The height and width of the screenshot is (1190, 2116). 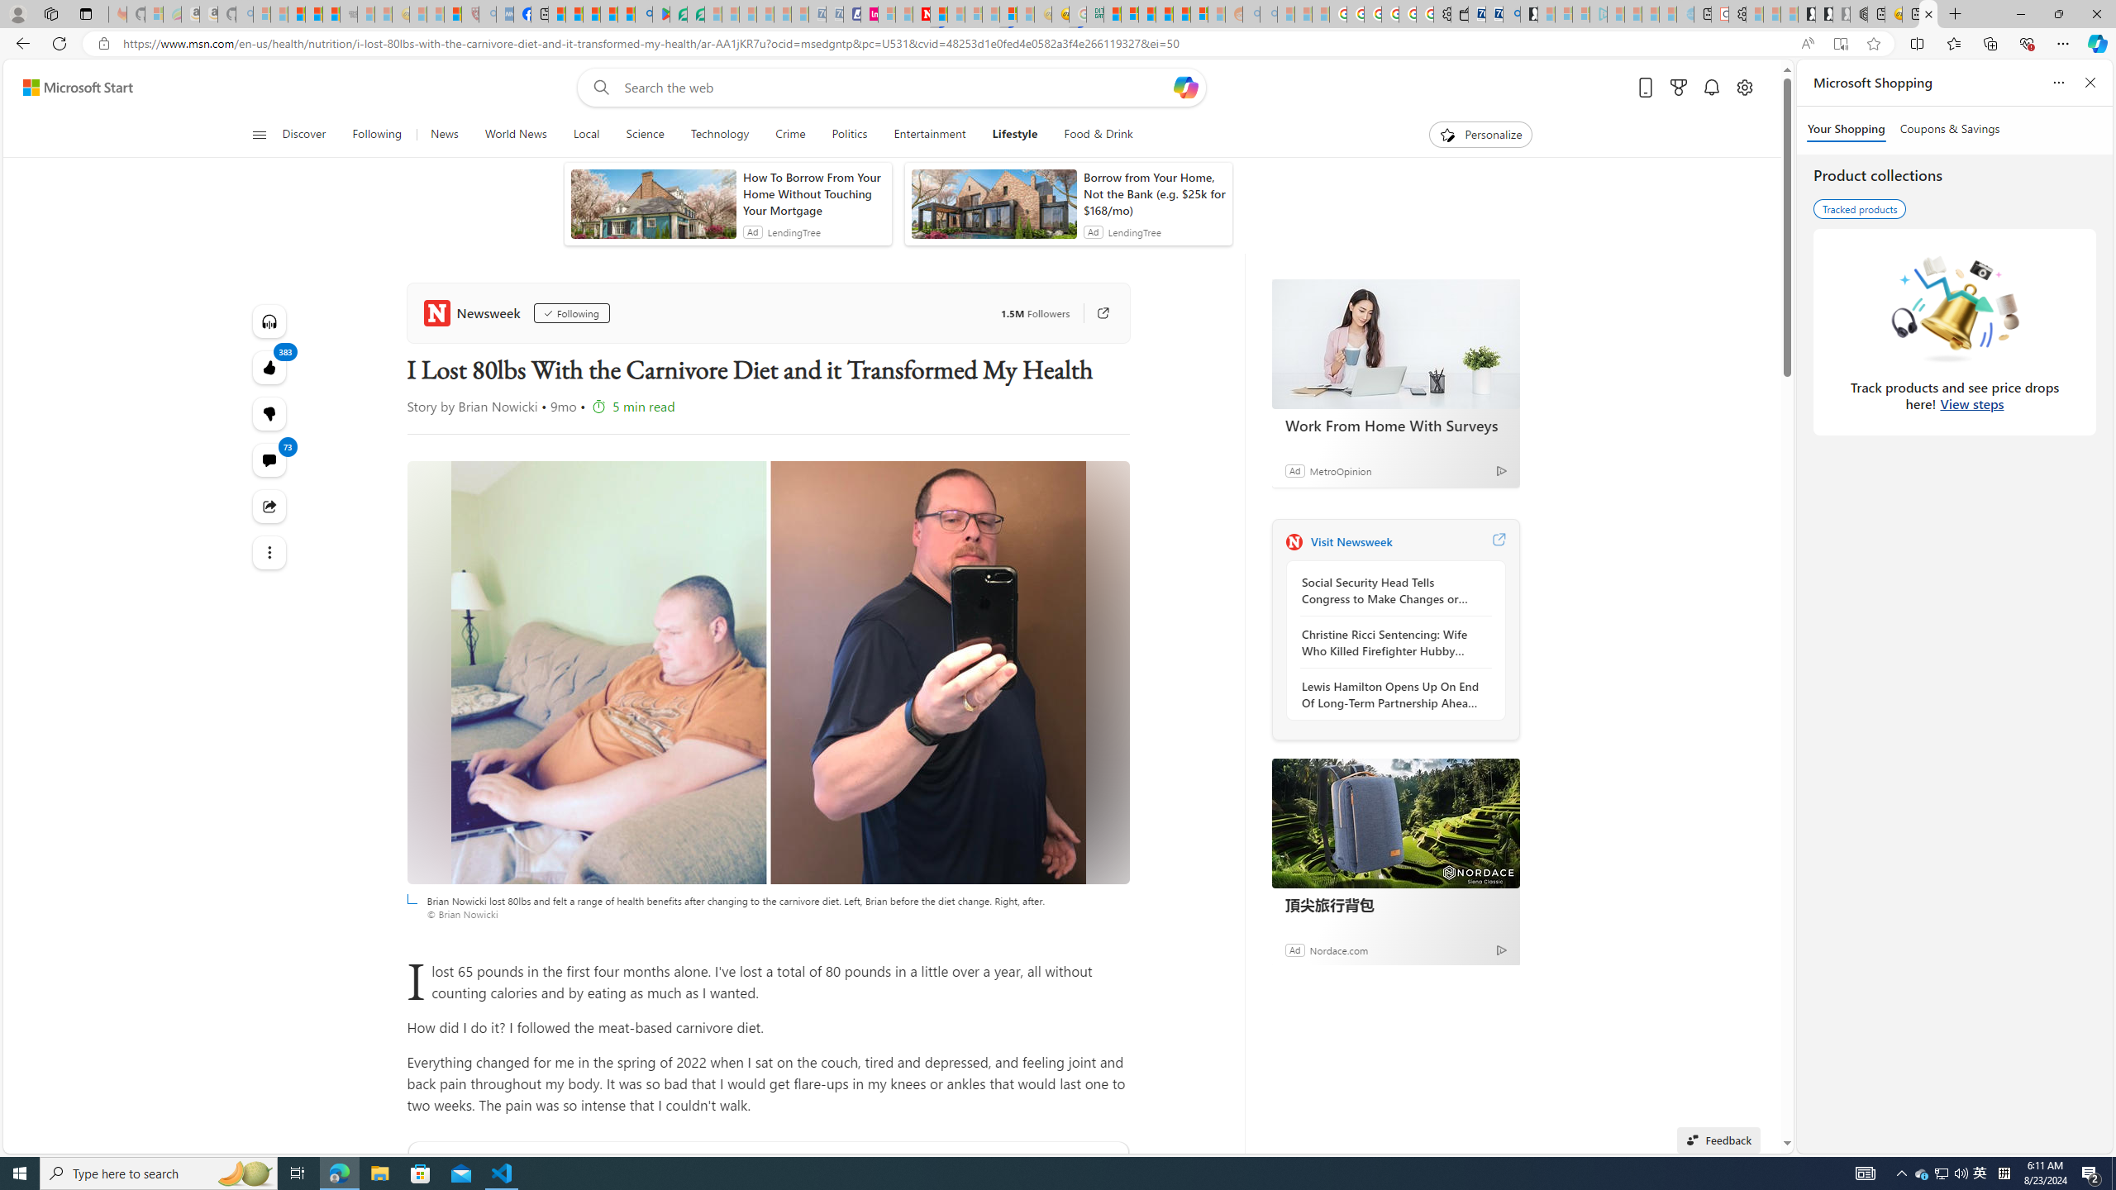 I want to click on 'Refresh', so click(x=58, y=42).